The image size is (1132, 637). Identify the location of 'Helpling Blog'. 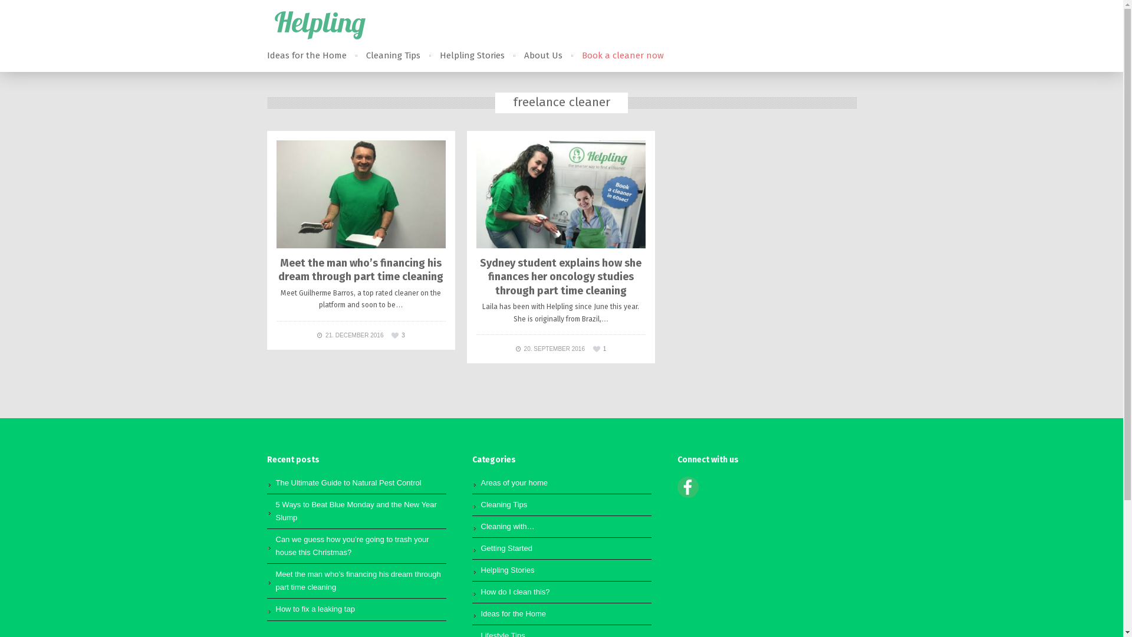
(320, 25).